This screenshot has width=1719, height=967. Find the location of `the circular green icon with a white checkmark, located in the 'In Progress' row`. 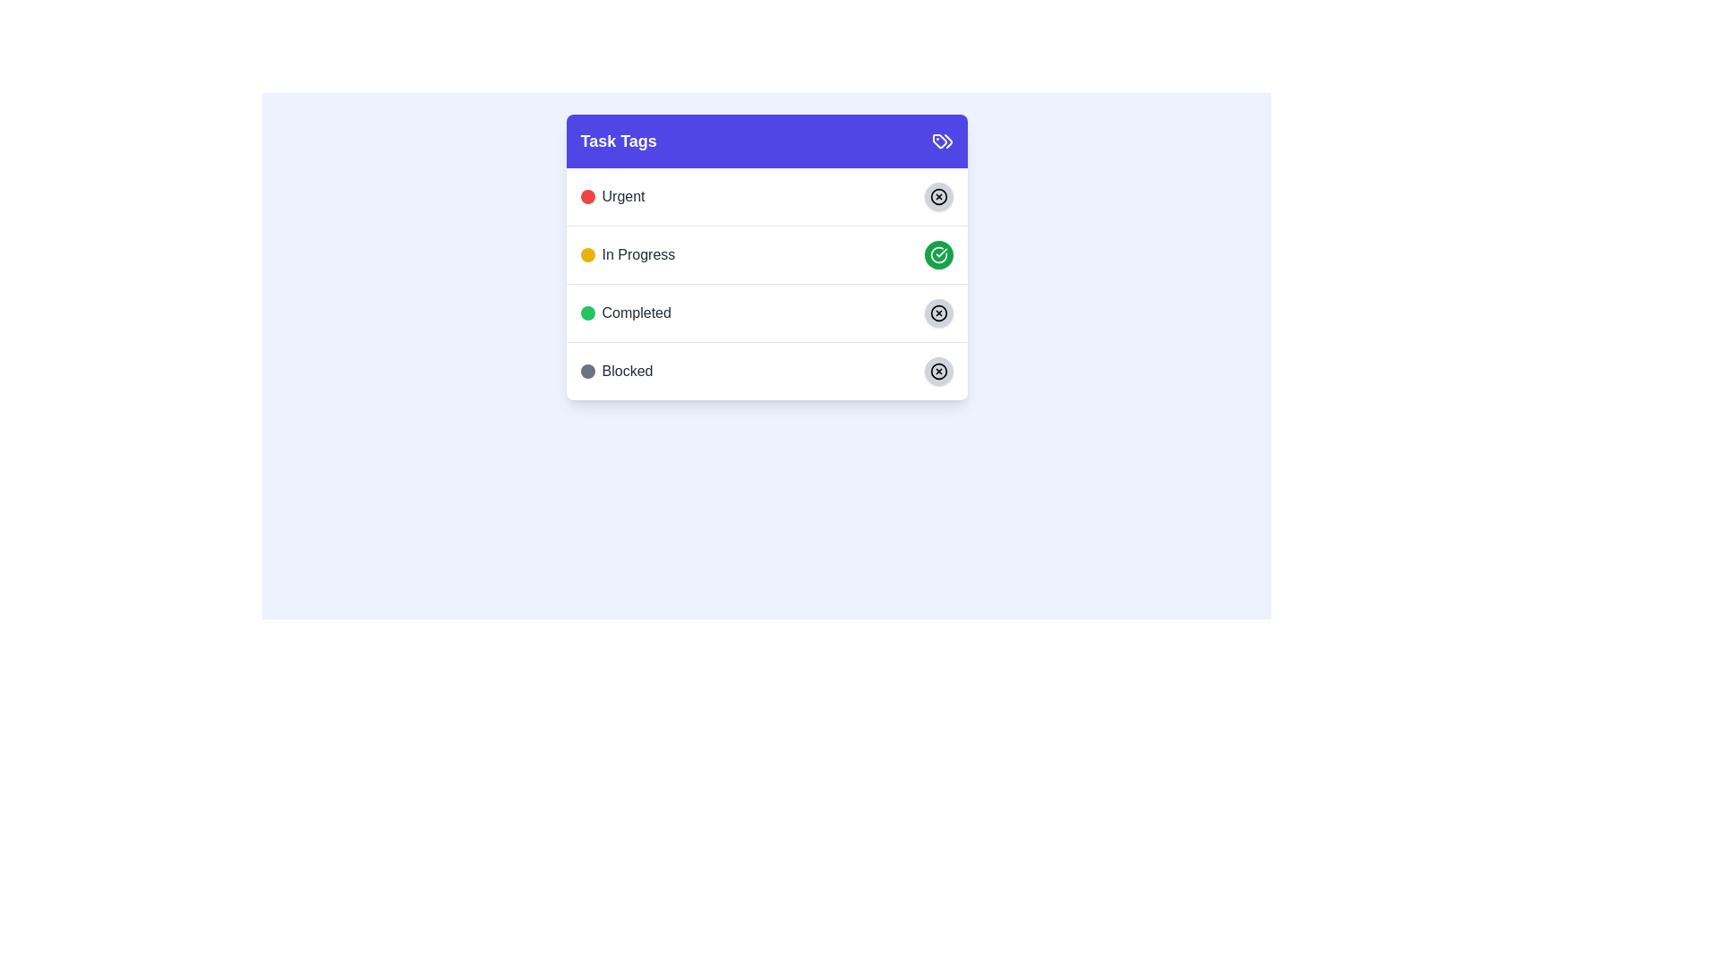

the circular green icon with a white checkmark, located in the 'In Progress' row is located at coordinates (937, 255).